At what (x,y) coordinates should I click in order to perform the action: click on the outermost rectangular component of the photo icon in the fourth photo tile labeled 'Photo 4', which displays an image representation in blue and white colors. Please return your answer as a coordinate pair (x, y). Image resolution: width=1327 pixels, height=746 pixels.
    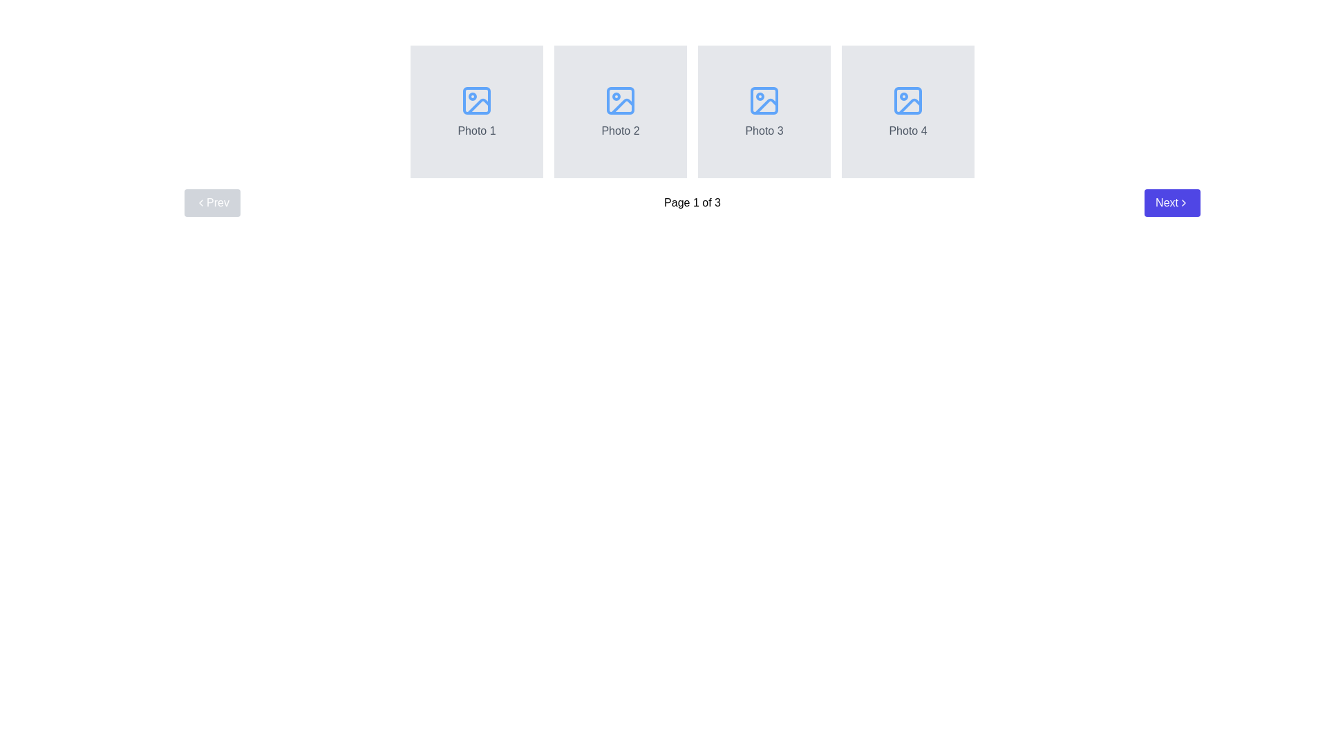
    Looking at the image, I should click on (908, 100).